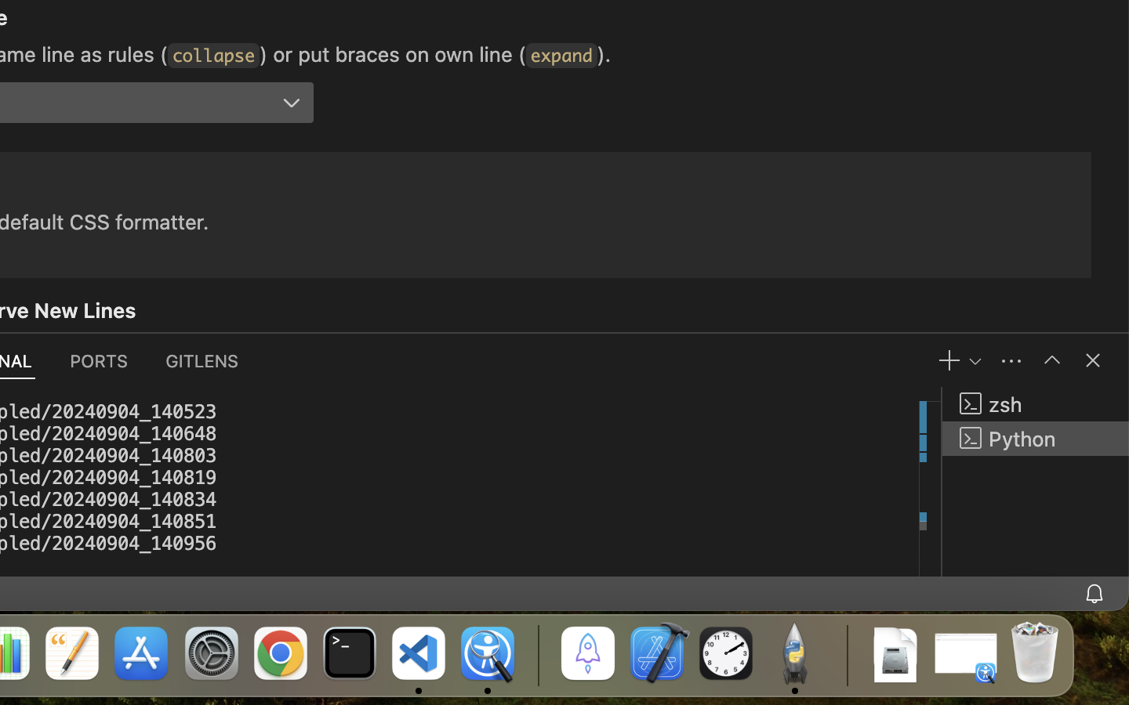 This screenshot has width=1129, height=705. What do you see at coordinates (561, 55) in the screenshot?
I see `'expand'` at bounding box center [561, 55].